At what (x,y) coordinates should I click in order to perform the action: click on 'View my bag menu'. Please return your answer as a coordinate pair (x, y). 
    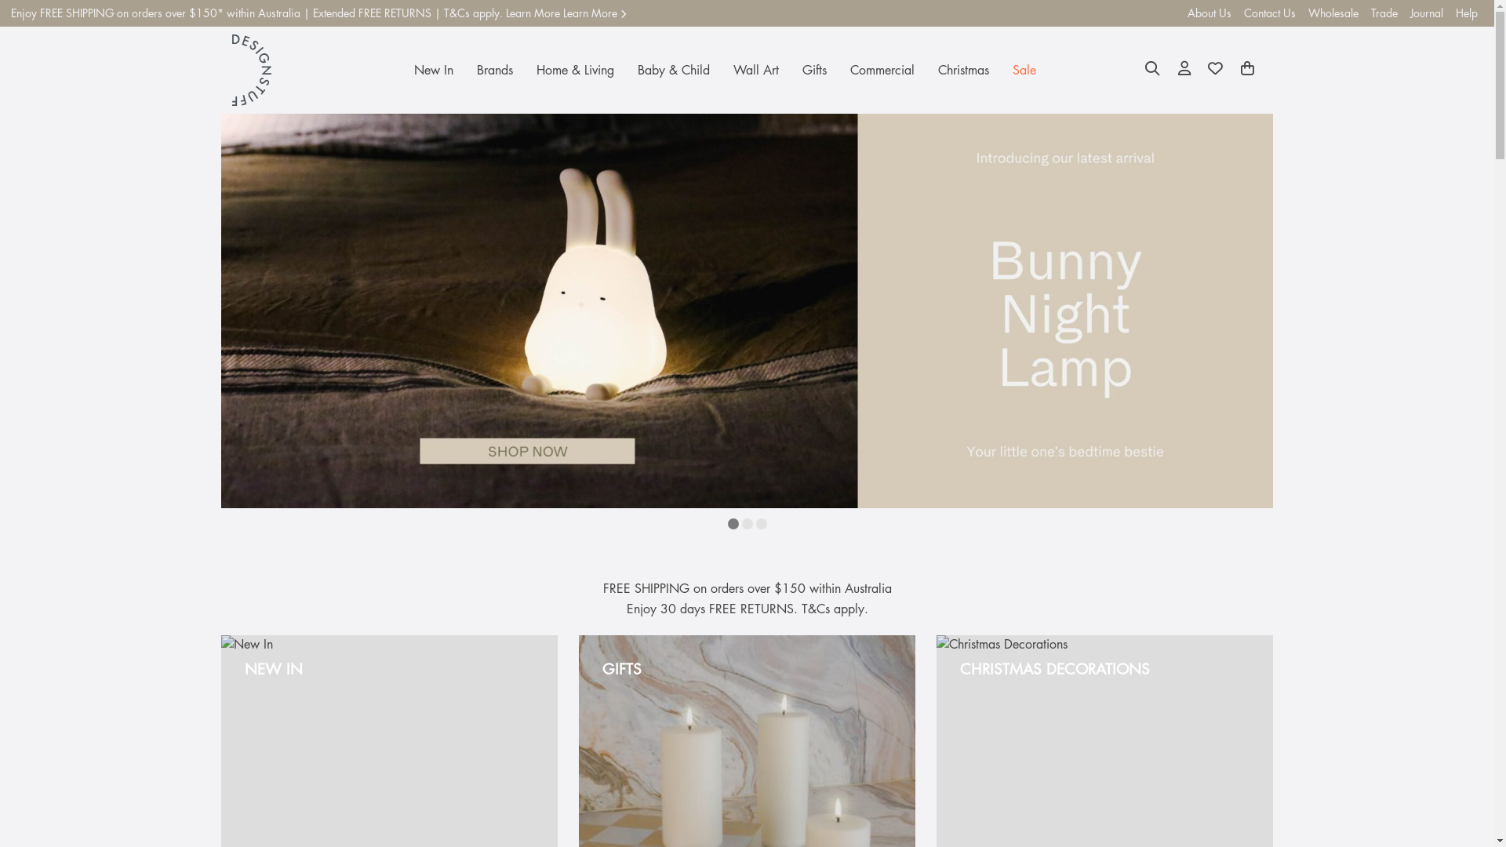
    Looking at the image, I should click on (1246, 69).